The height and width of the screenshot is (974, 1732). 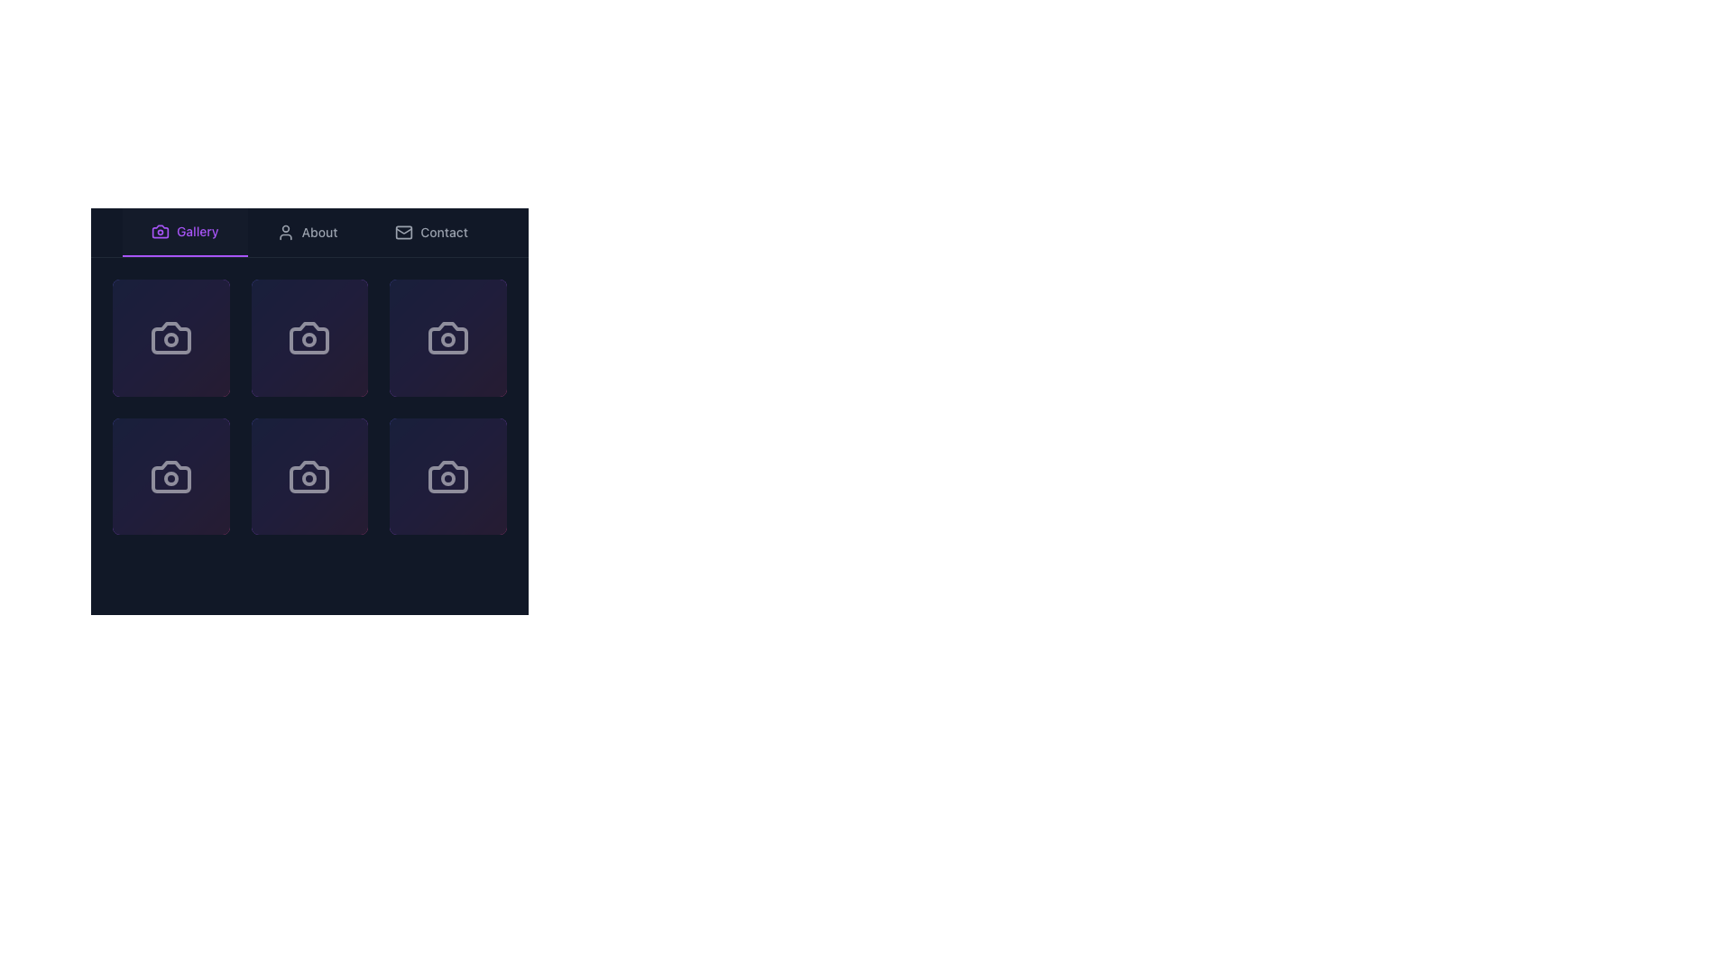 What do you see at coordinates (170, 337) in the screenshot?
I see `the first camera icon located in the top-left corner of the grid layout` at bounding box center [170, 337].